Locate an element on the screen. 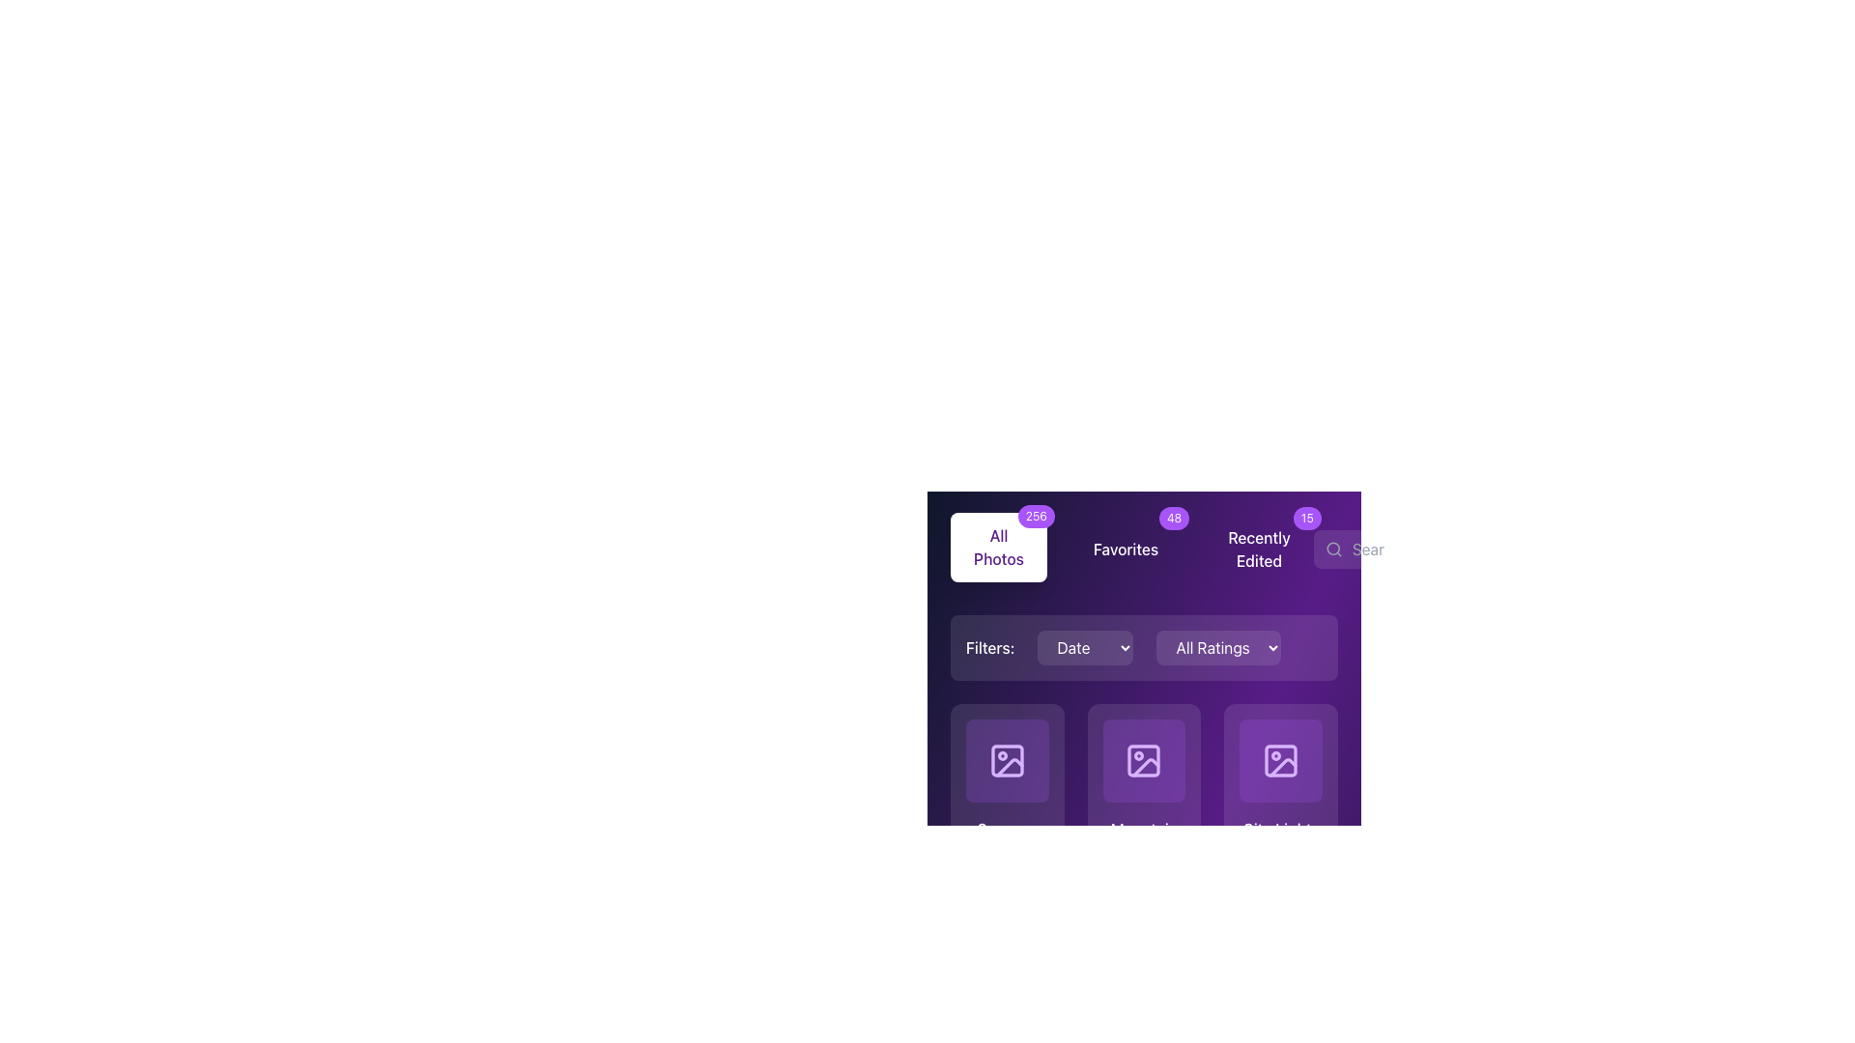 Image resolution: width=1855 pixels, height=1043 pixels. the badge on the 'Favorites' button is located at coordinates (1126, 550).